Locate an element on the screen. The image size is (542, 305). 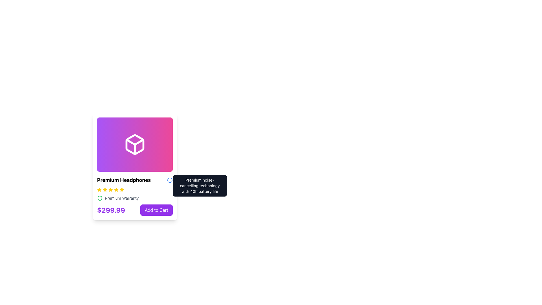
the large bold purple price text '$299.99' located at the bottom left of the product card, beneath the product warranty text and to the left of the 'Add to Cart' button is located at coordinates (111, 210).